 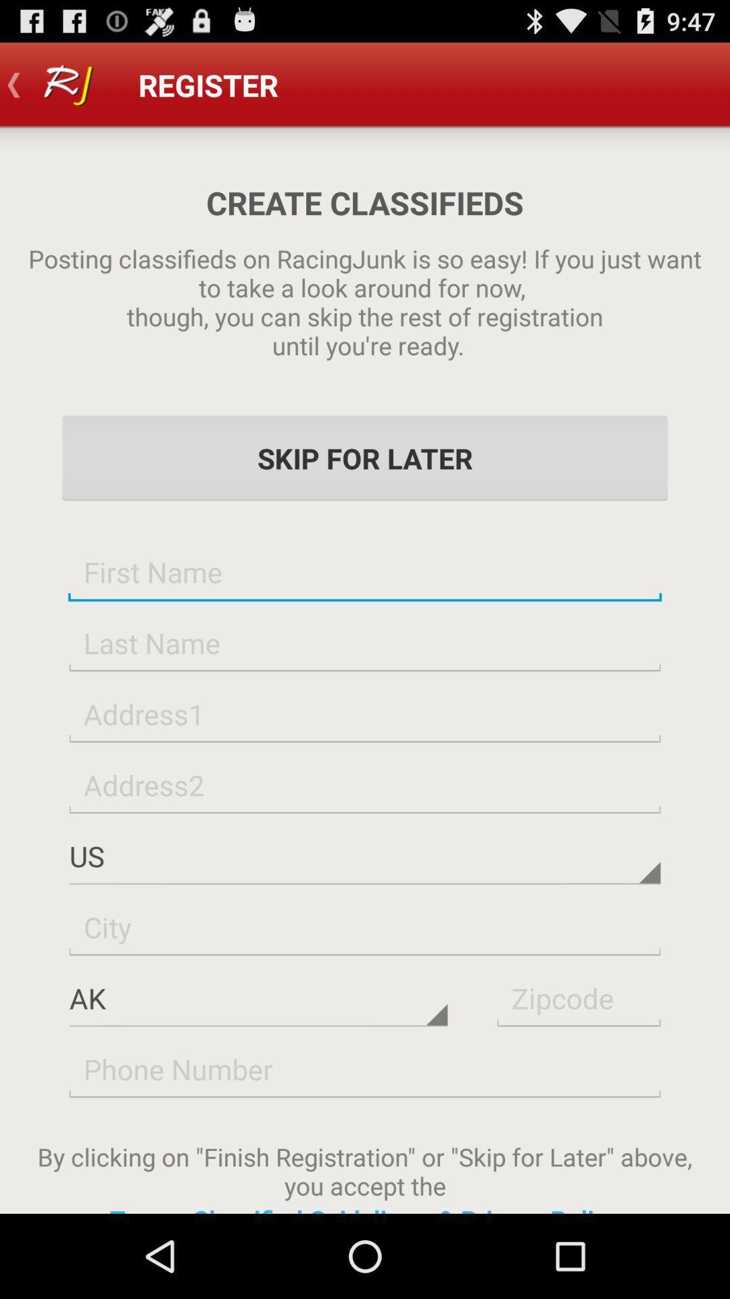 I want to click on type address, so click(x=365, y=713).